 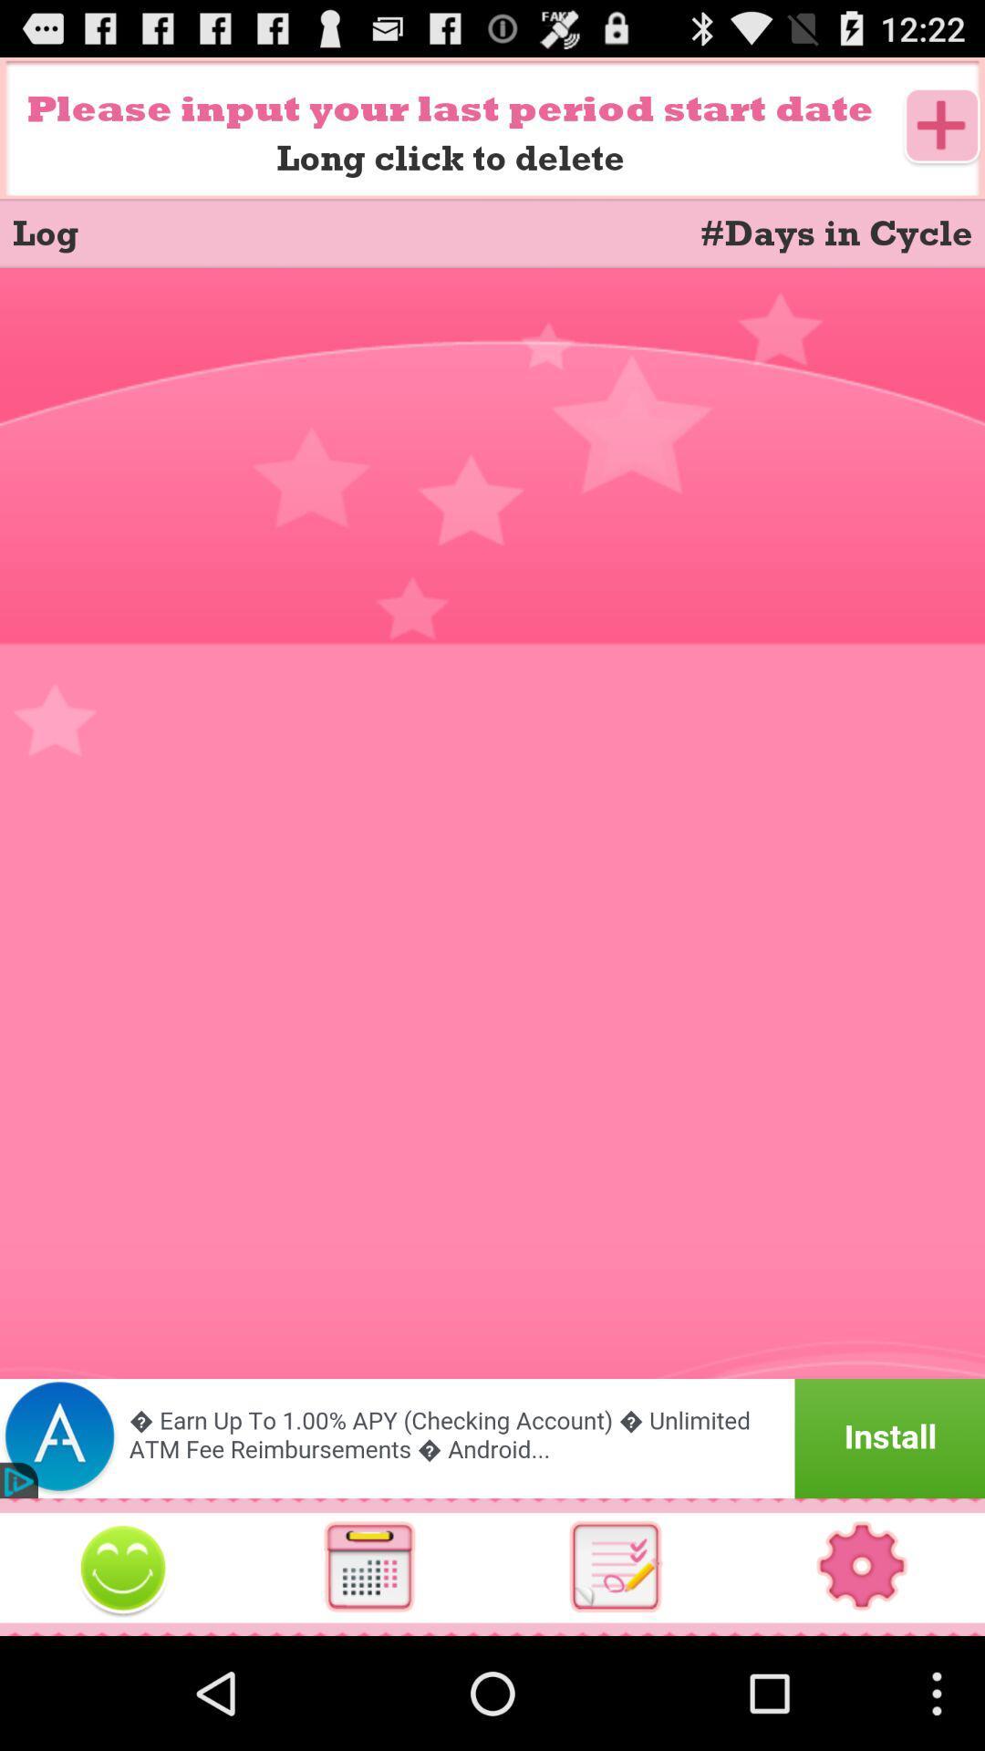 What do you see at coordinates (616, 1566) in the screenshot?
I see `annotations` at bounding box center [616, 1566].